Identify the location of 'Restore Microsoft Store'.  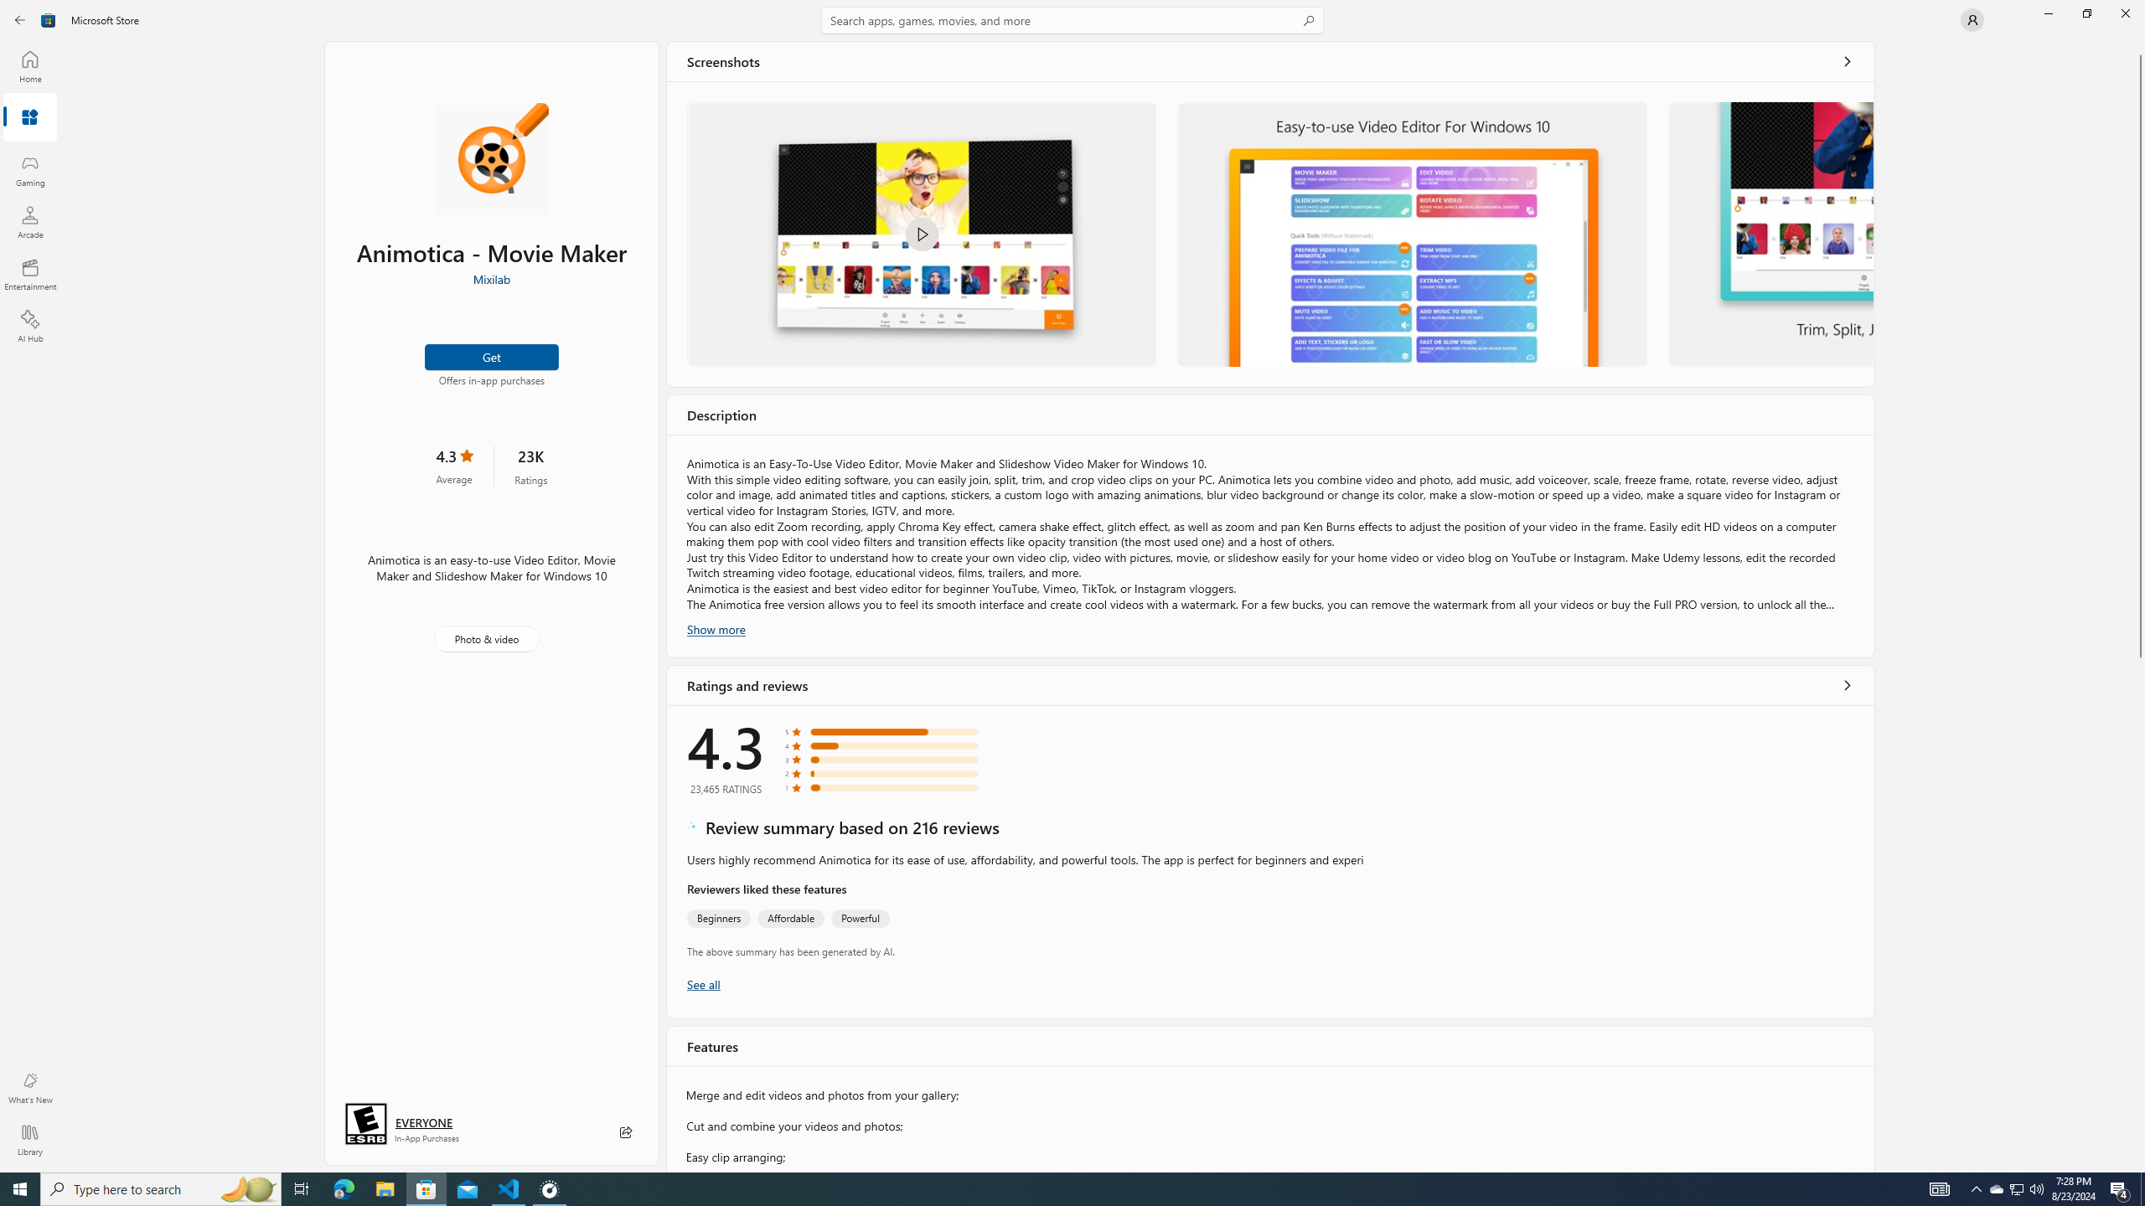
(2086, 13).